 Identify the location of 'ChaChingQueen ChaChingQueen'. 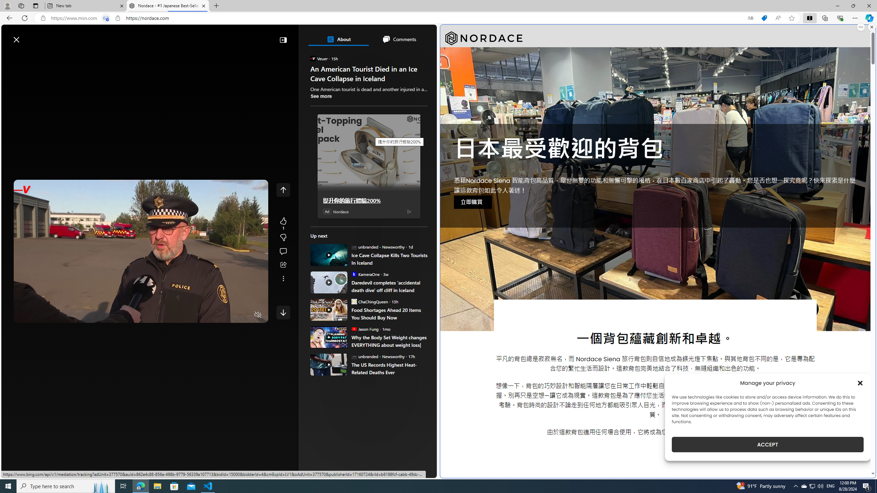
(370, 301).